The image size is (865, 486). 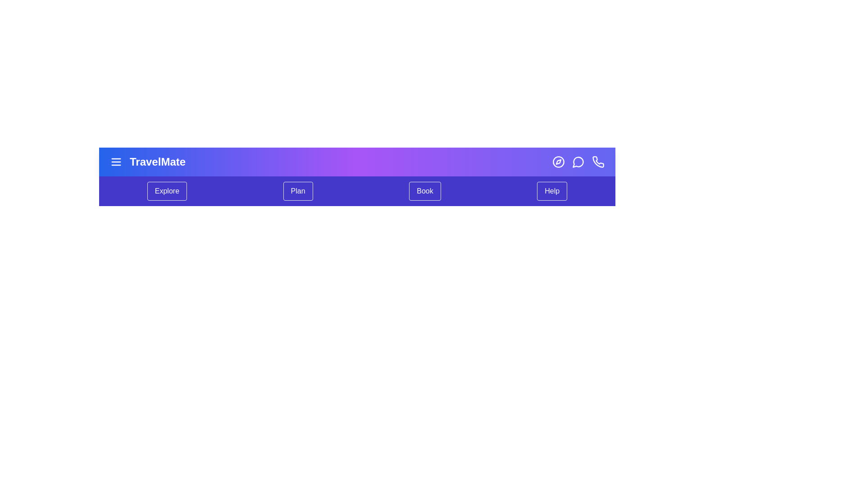 I want to click on compass icon to trigger its associated functionality, so click(x=558, y=161).